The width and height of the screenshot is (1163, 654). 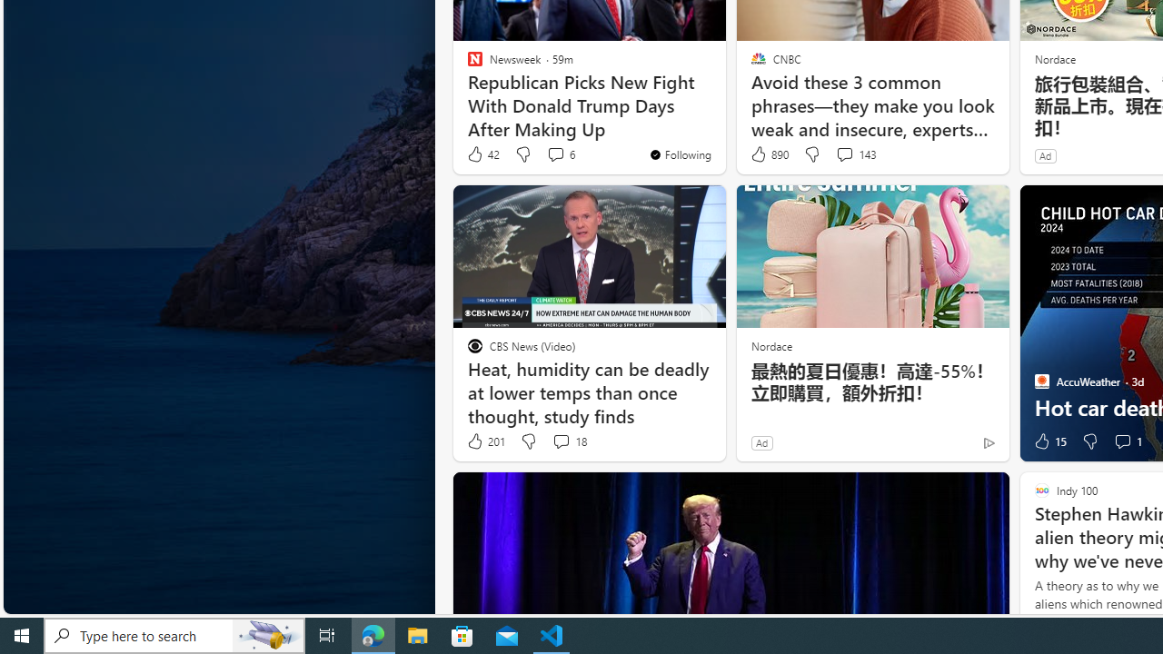 What do you see at coordinates (843, 153) in the screenshot?
I see `'View comments 143 Comment'` at bounding box center [843, 153].